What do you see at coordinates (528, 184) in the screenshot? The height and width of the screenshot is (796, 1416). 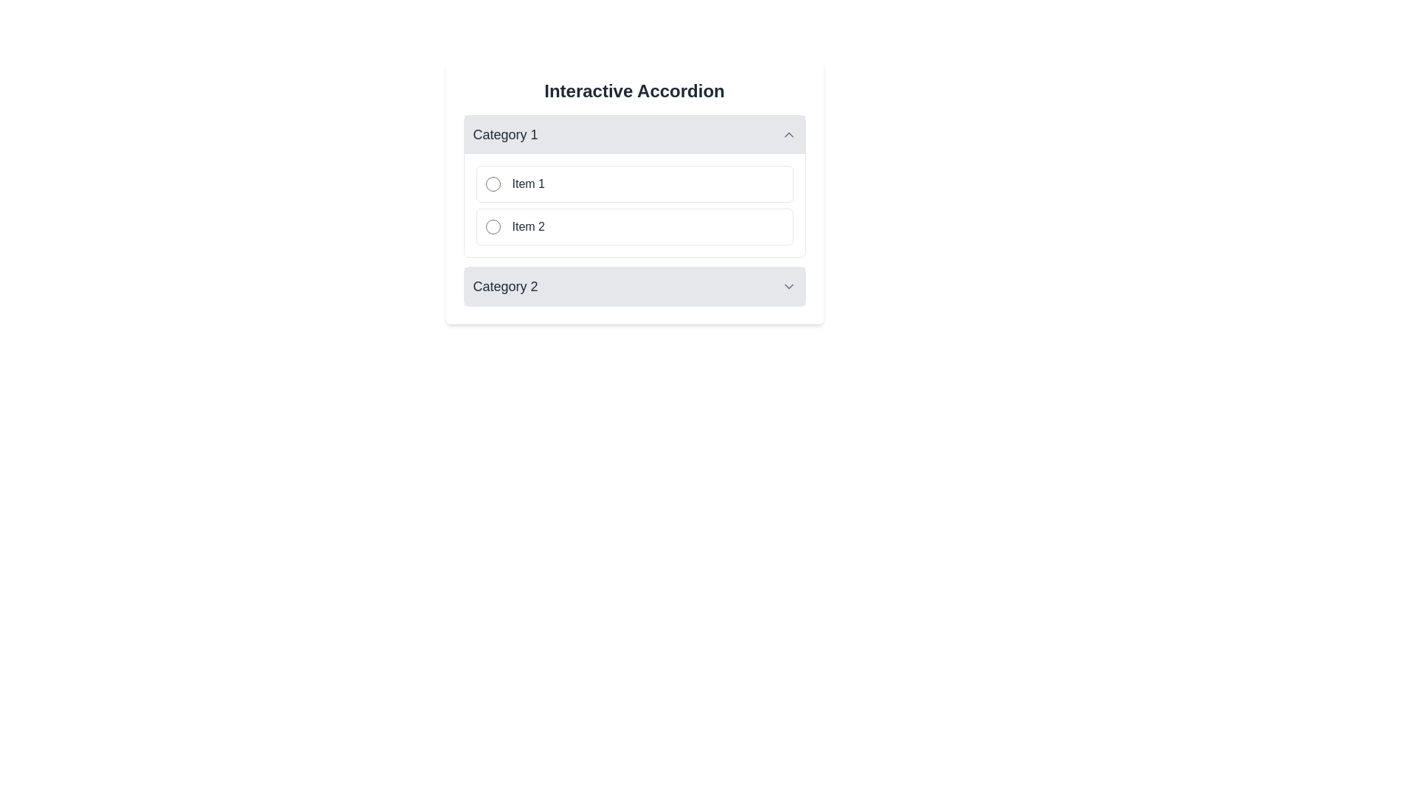 I see `the Text Label displaying 'Item 1', which is styled in dark gray and located to the right of a circular icon within a clickable box in the 'Category 1' section` at bounding box center [528, 184].